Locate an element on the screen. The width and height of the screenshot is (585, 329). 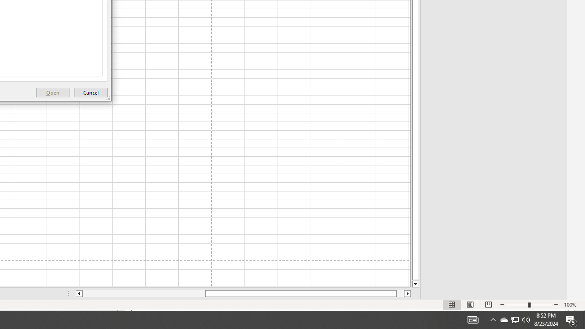
'Zoom In' is located at coordinates (556, 305).